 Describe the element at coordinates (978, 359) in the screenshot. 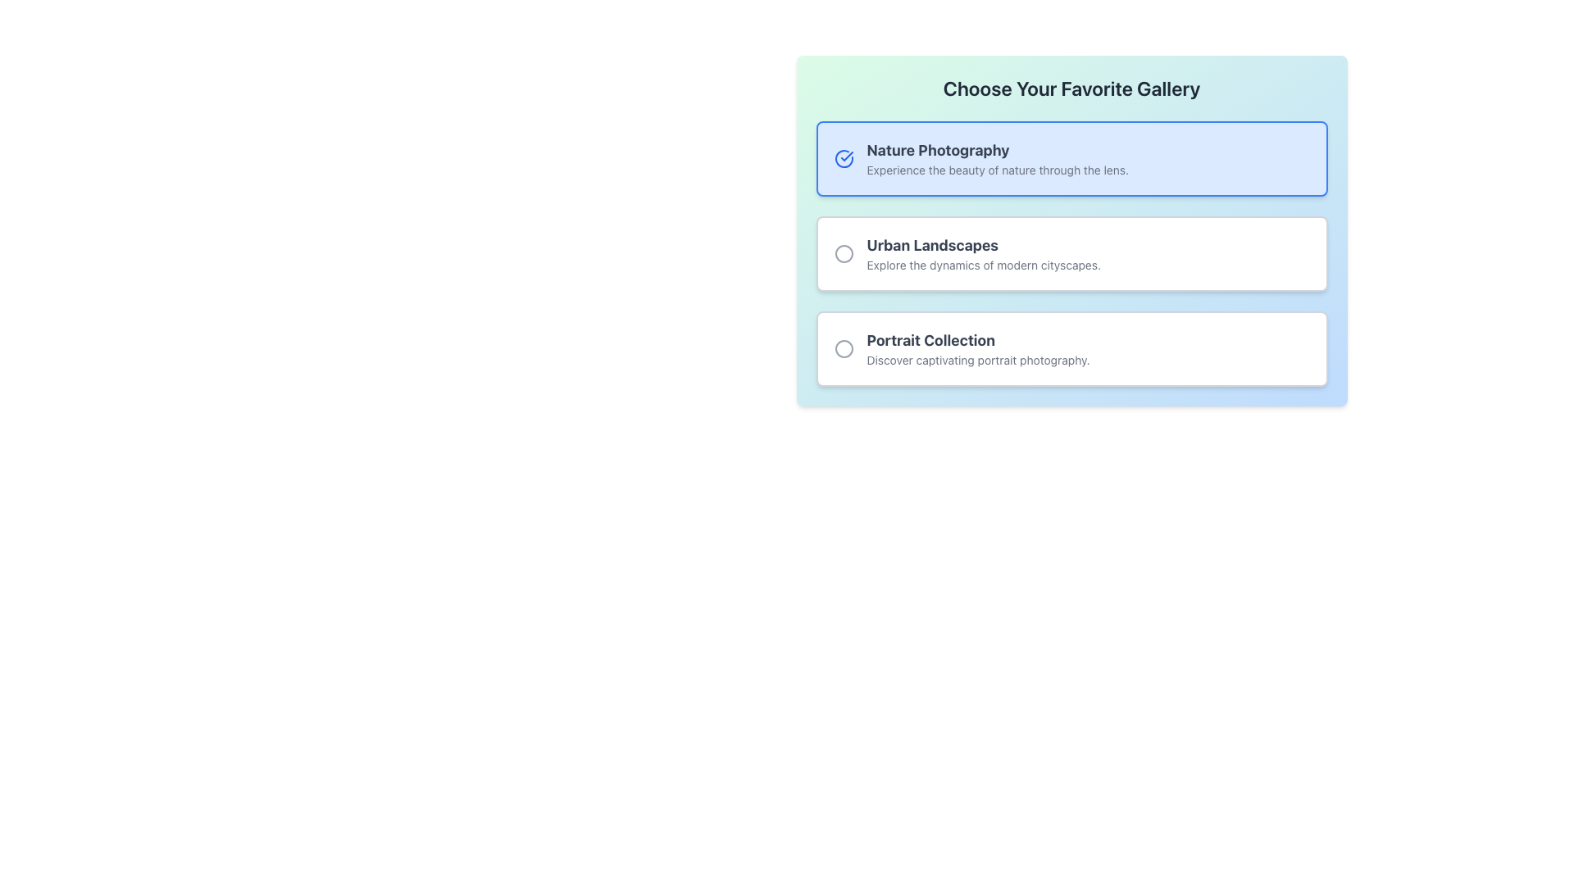

I see `supplementary text providing a brief description of the 'Portrait Collection' selection option, which is positioned below the 'Portrait Collection' text in the vertical list of choices` at that location.